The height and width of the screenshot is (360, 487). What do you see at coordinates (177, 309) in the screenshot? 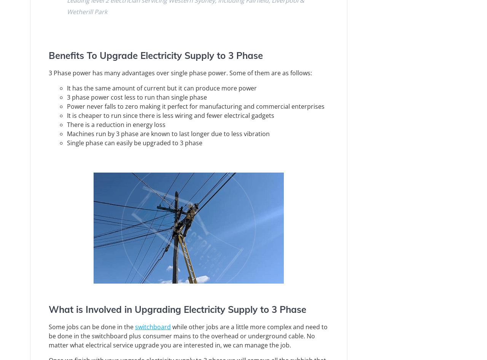
I see `'What is Involved in Upgrading Electricity Supply to 3 Phase'` at bounding box center [177, 309].